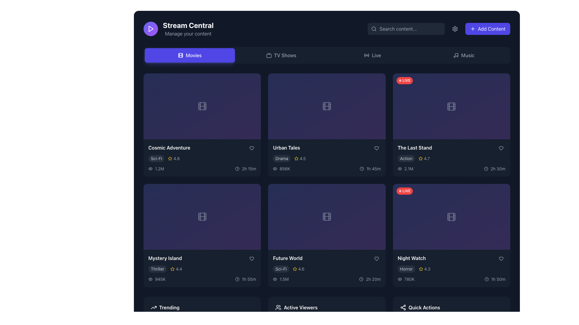 The width and height of the screenshot is (579, 325). I want to click on the genre label 'Drama', which is a rounded rectangle with a dark gray background and light gray text, located below the title 'Urban Tales', so click(281, 158).